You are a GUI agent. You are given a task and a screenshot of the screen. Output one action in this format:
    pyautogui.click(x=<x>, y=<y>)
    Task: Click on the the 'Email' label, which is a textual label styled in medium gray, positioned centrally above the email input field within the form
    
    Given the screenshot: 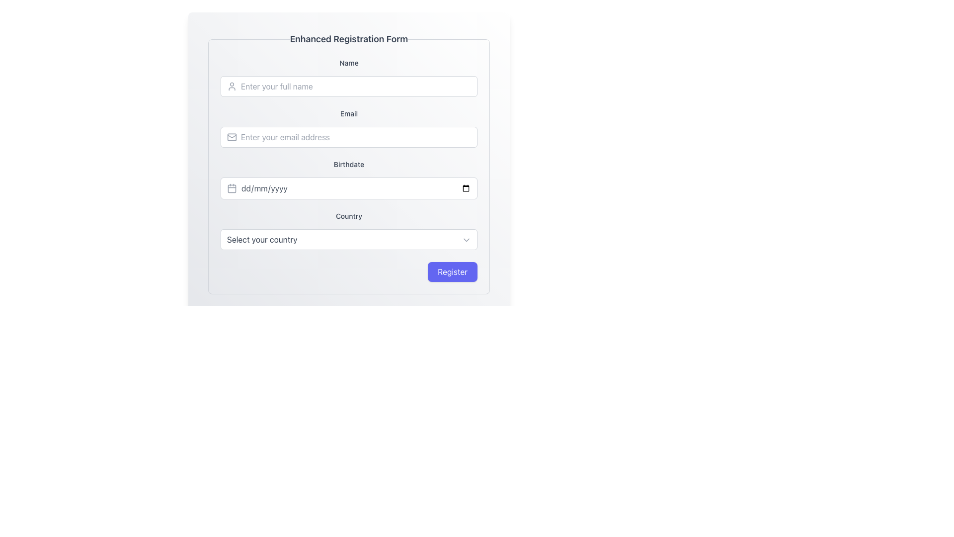 What is the action you would take?
    pyautogui.click(x=349, y=113)
    